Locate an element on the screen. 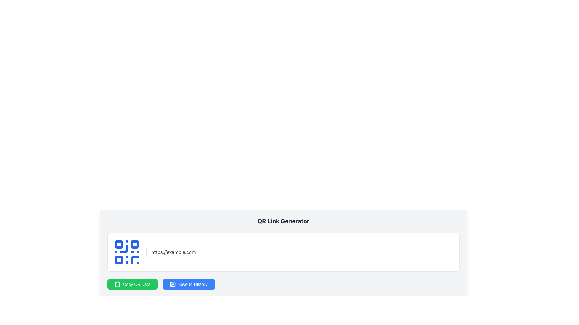 The image size is (579, 325). the blue save action icon with rounded edges located to the left of the 'Save to History' button is located at coordinates (172, 284).